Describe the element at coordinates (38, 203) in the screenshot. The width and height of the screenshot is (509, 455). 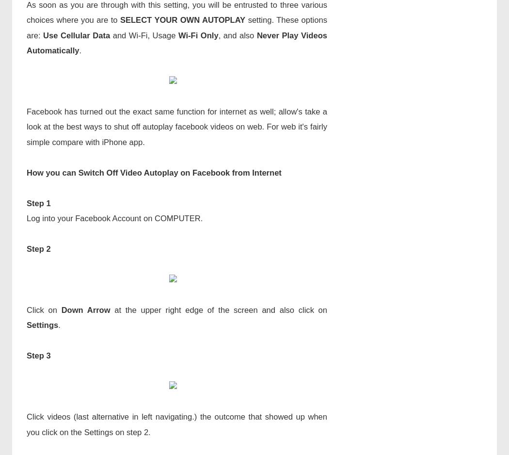
I see `'Step 1'` at that location.